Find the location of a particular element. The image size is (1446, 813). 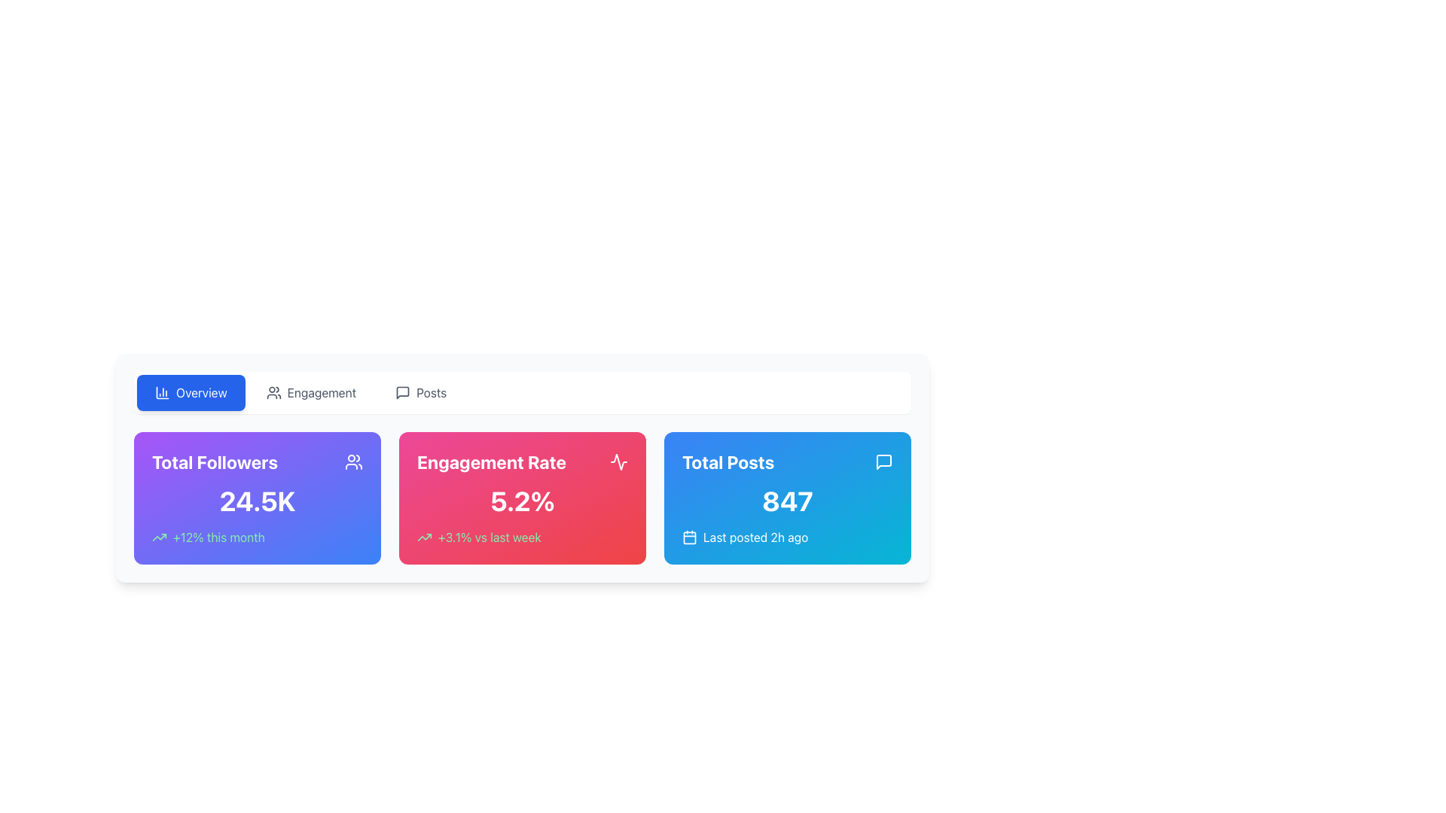

the 'Engagement' button, which is a rounded rectangular button with gray text and an icon representing users is located at coordinates (310, 391).